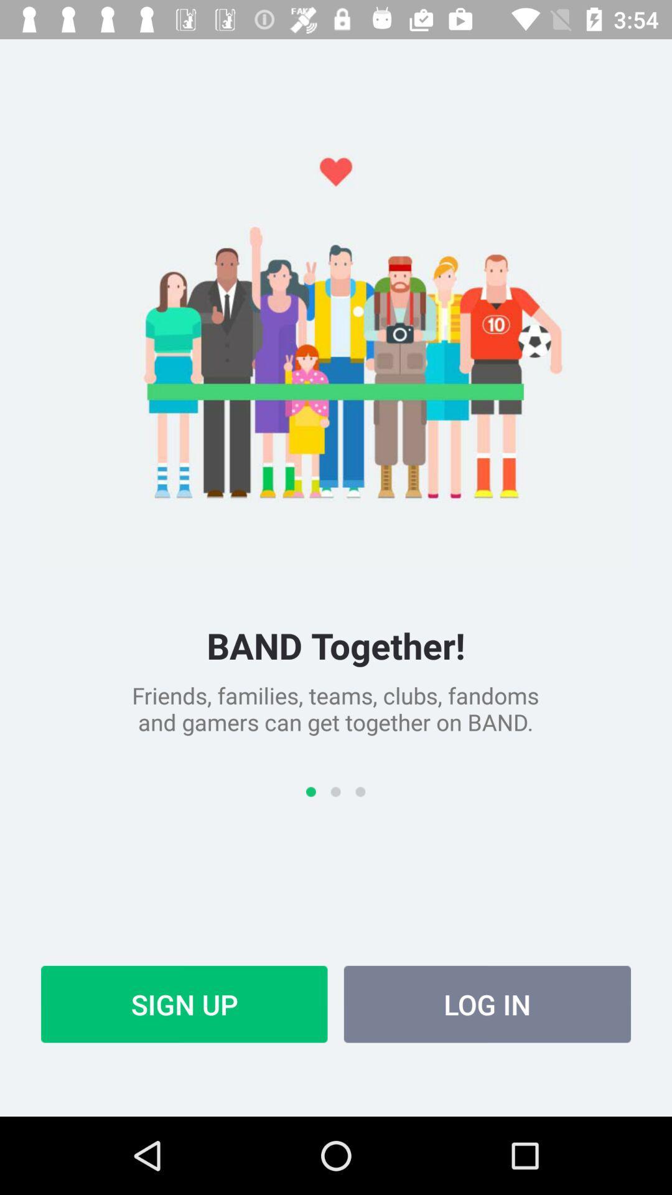 Image resolution: width=672 pixels, height=1195 pixels. What do you see at coordinates (487, 1004) in the screenshot?
I see `the item at the bottom right corner` at bounding box center [487, 1004].